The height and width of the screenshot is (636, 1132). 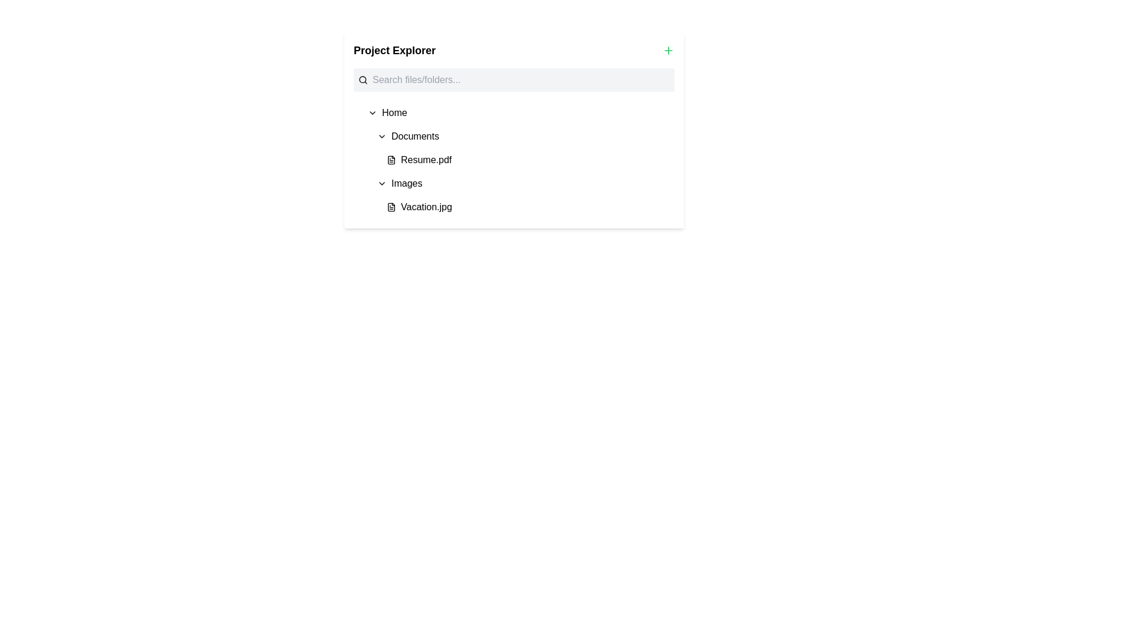 I want to click on the items in the Tree view navigation tool located in the 'Project Explorer' section, so click(x=514, y=160).